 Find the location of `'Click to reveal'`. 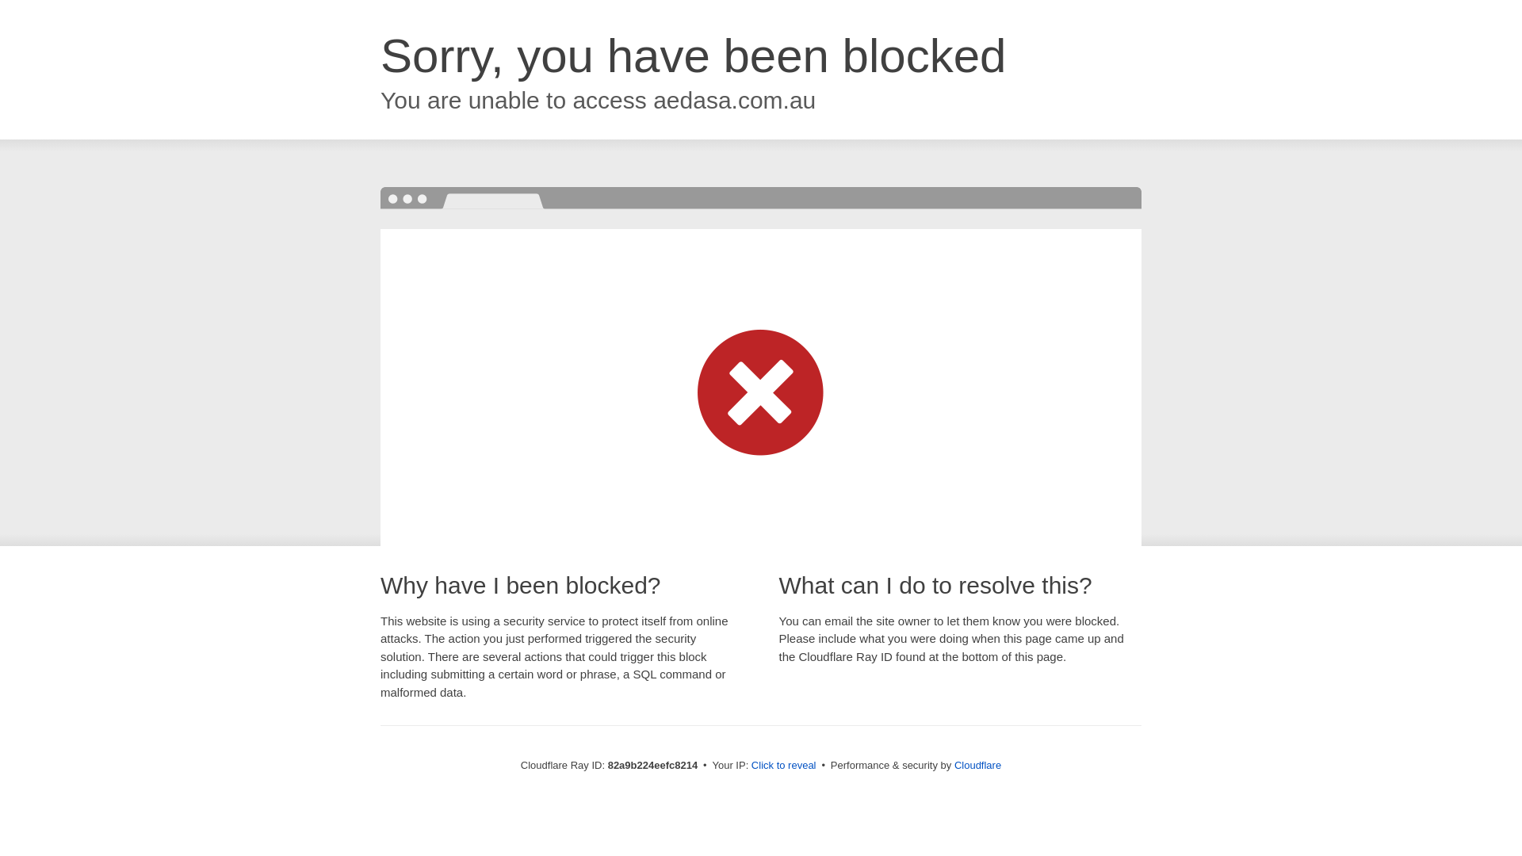

'Click to reveal' is located at coordinates (783, 764).